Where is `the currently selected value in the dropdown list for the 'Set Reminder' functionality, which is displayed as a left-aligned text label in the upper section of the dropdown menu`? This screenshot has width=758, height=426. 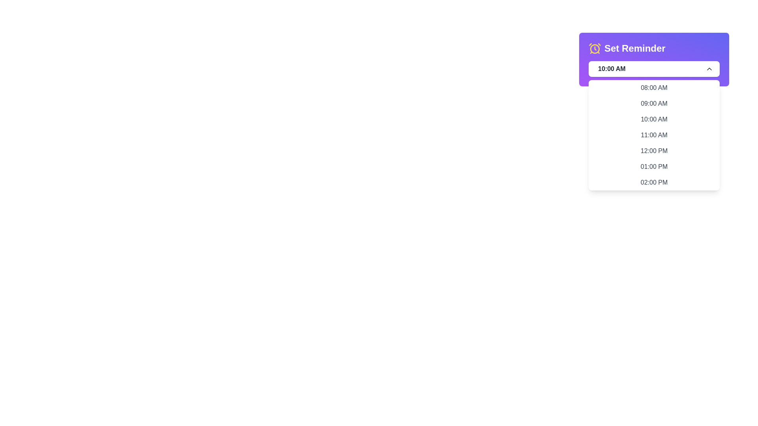
the currently selected value in the dropdown list for the 'Set Reminder' functionality, which is displayed as a left-aligned text label in the upper section of the dropdown menu is located at coordinates (610, 68).